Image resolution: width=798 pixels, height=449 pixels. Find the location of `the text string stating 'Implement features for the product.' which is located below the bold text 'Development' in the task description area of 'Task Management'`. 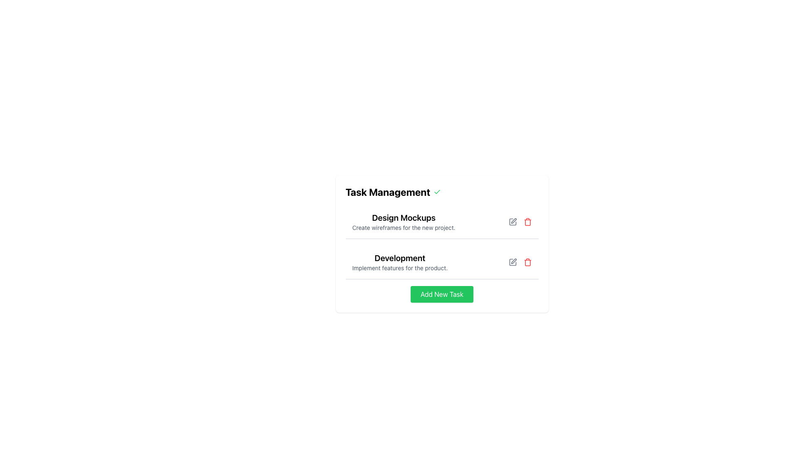

the text string stating 'Implement features for the product.' which is located below the bold text 'Development' in the task description area of 'Task Management' is located at coordinates (400, 268).